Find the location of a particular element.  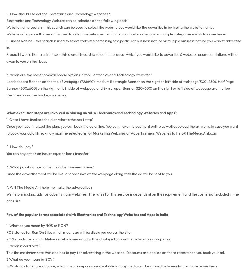

'2. What is card rate?' is located at coordinates (6, 245).